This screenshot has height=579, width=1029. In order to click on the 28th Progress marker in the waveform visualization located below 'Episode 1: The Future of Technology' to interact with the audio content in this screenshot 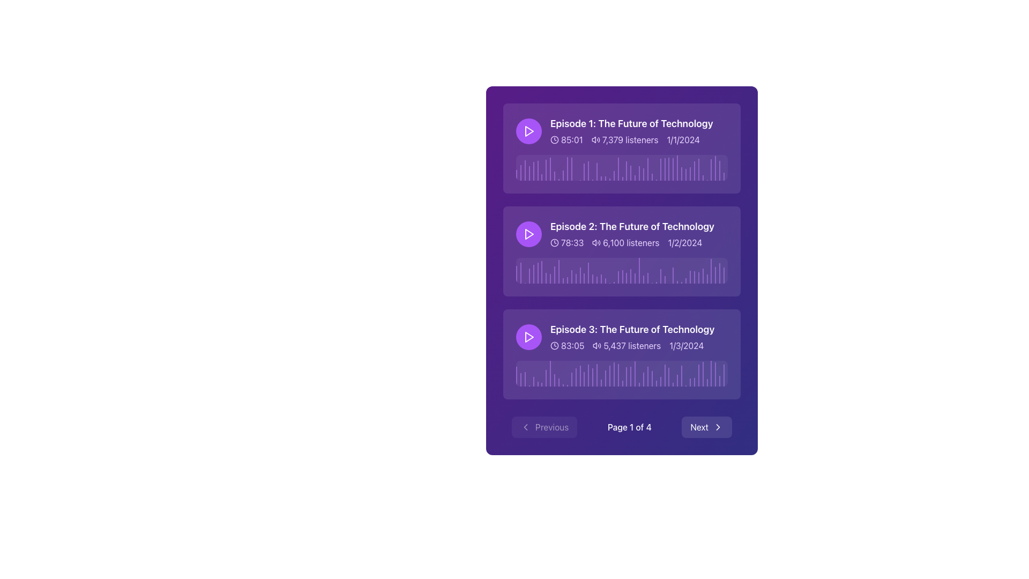, I will do `click(631, 173)`.